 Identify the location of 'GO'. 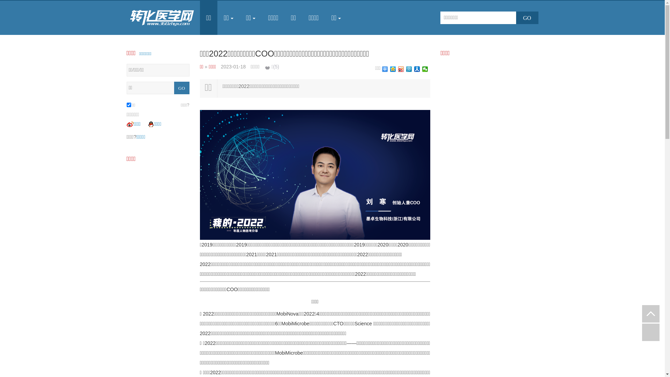
(181, 87).